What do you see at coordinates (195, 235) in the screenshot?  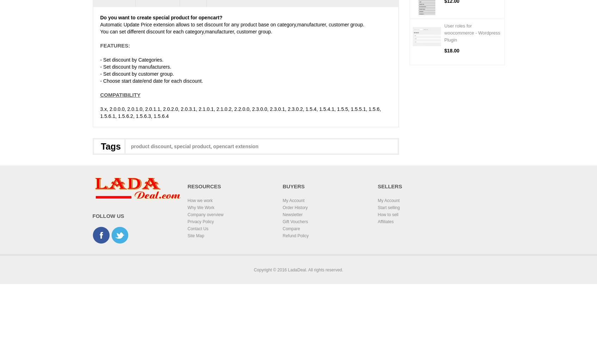 I see `'Site Map'` at bounding box center [195, 235].